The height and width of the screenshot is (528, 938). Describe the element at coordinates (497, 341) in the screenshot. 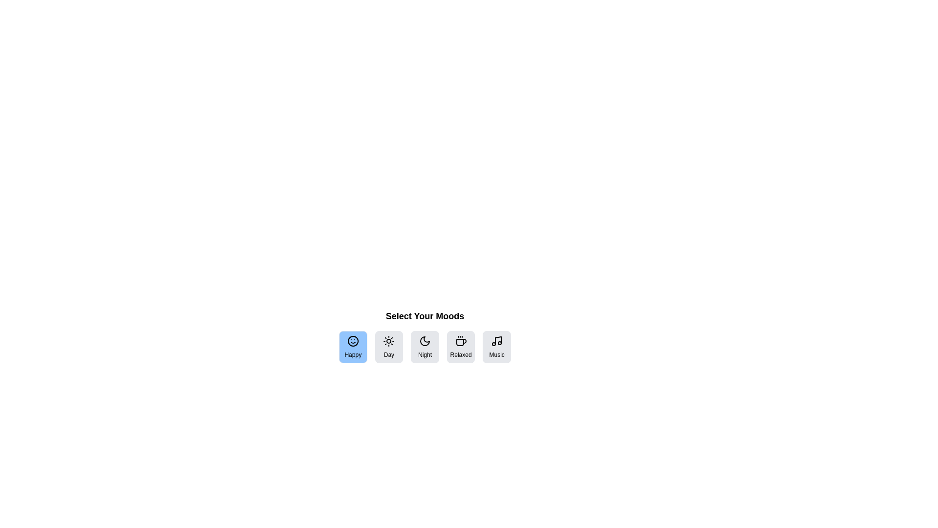

I see `the 'Music' mood icon located at the bottom-right of the interface, which is the last interactive button in the row of mood options` at that location.